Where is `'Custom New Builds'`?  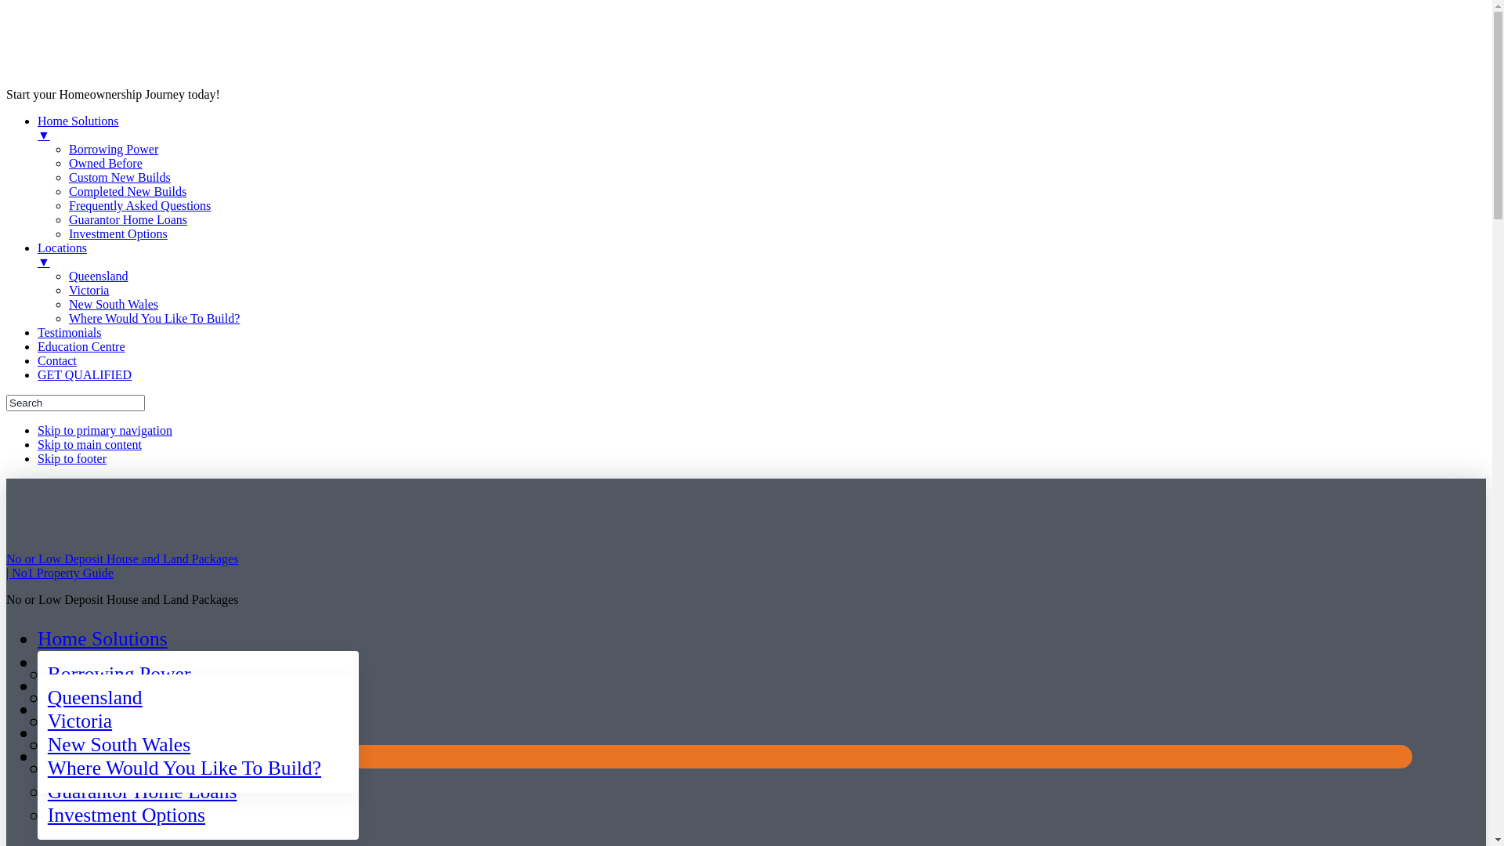 'Custom New Builds' is located at coordinates (119, 176).